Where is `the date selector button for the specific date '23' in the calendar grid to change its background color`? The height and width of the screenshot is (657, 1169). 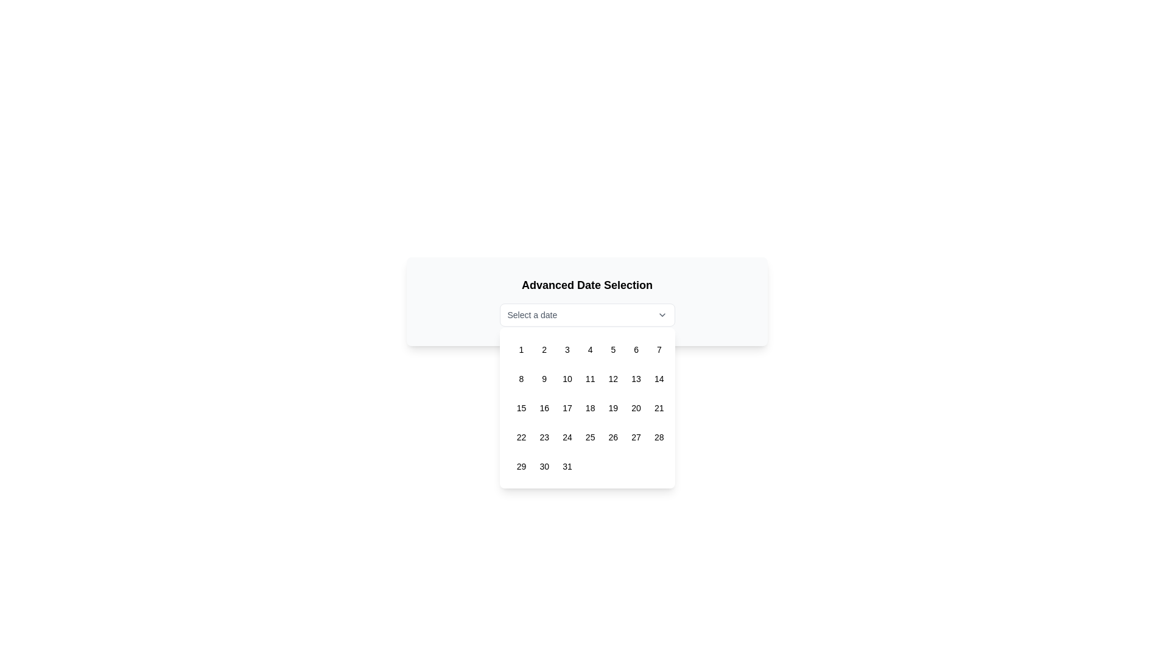
the date selector button for the specific date '23' in the calendar grid to change its background color is located at coordinates (544, 436).